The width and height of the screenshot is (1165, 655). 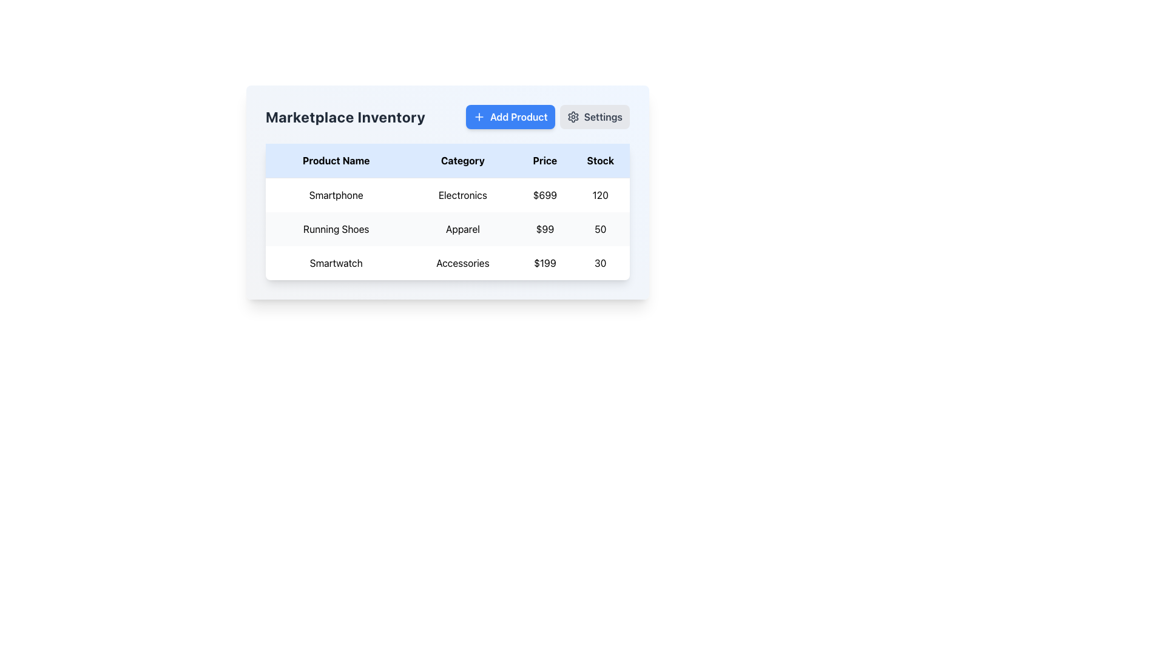 What do you see at coordinates (519, 116) in the screenshot?
I see `text label that says 'Add Product', which is styled in white on a medium blue button, located in the upper area of the interface` at bounding box center [519, 116].